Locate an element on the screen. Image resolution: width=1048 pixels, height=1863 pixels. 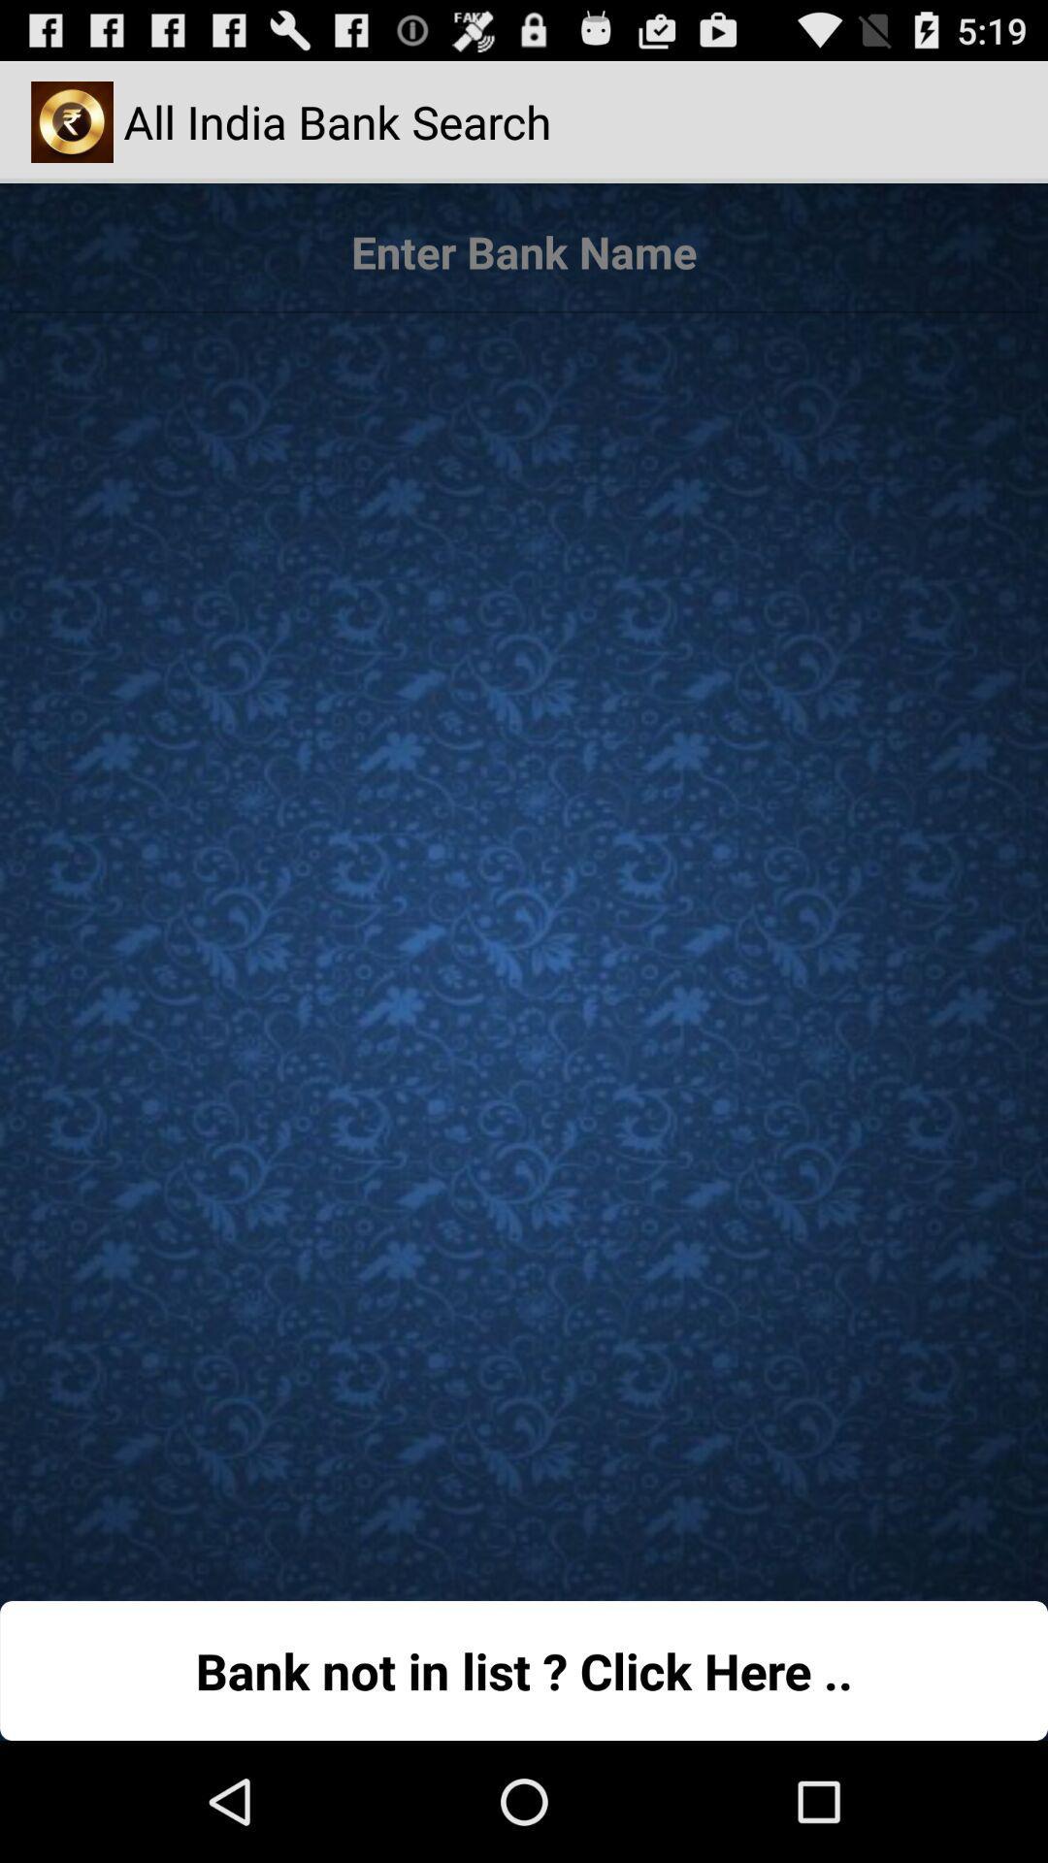
bank name is located at coordinates (524, 251).